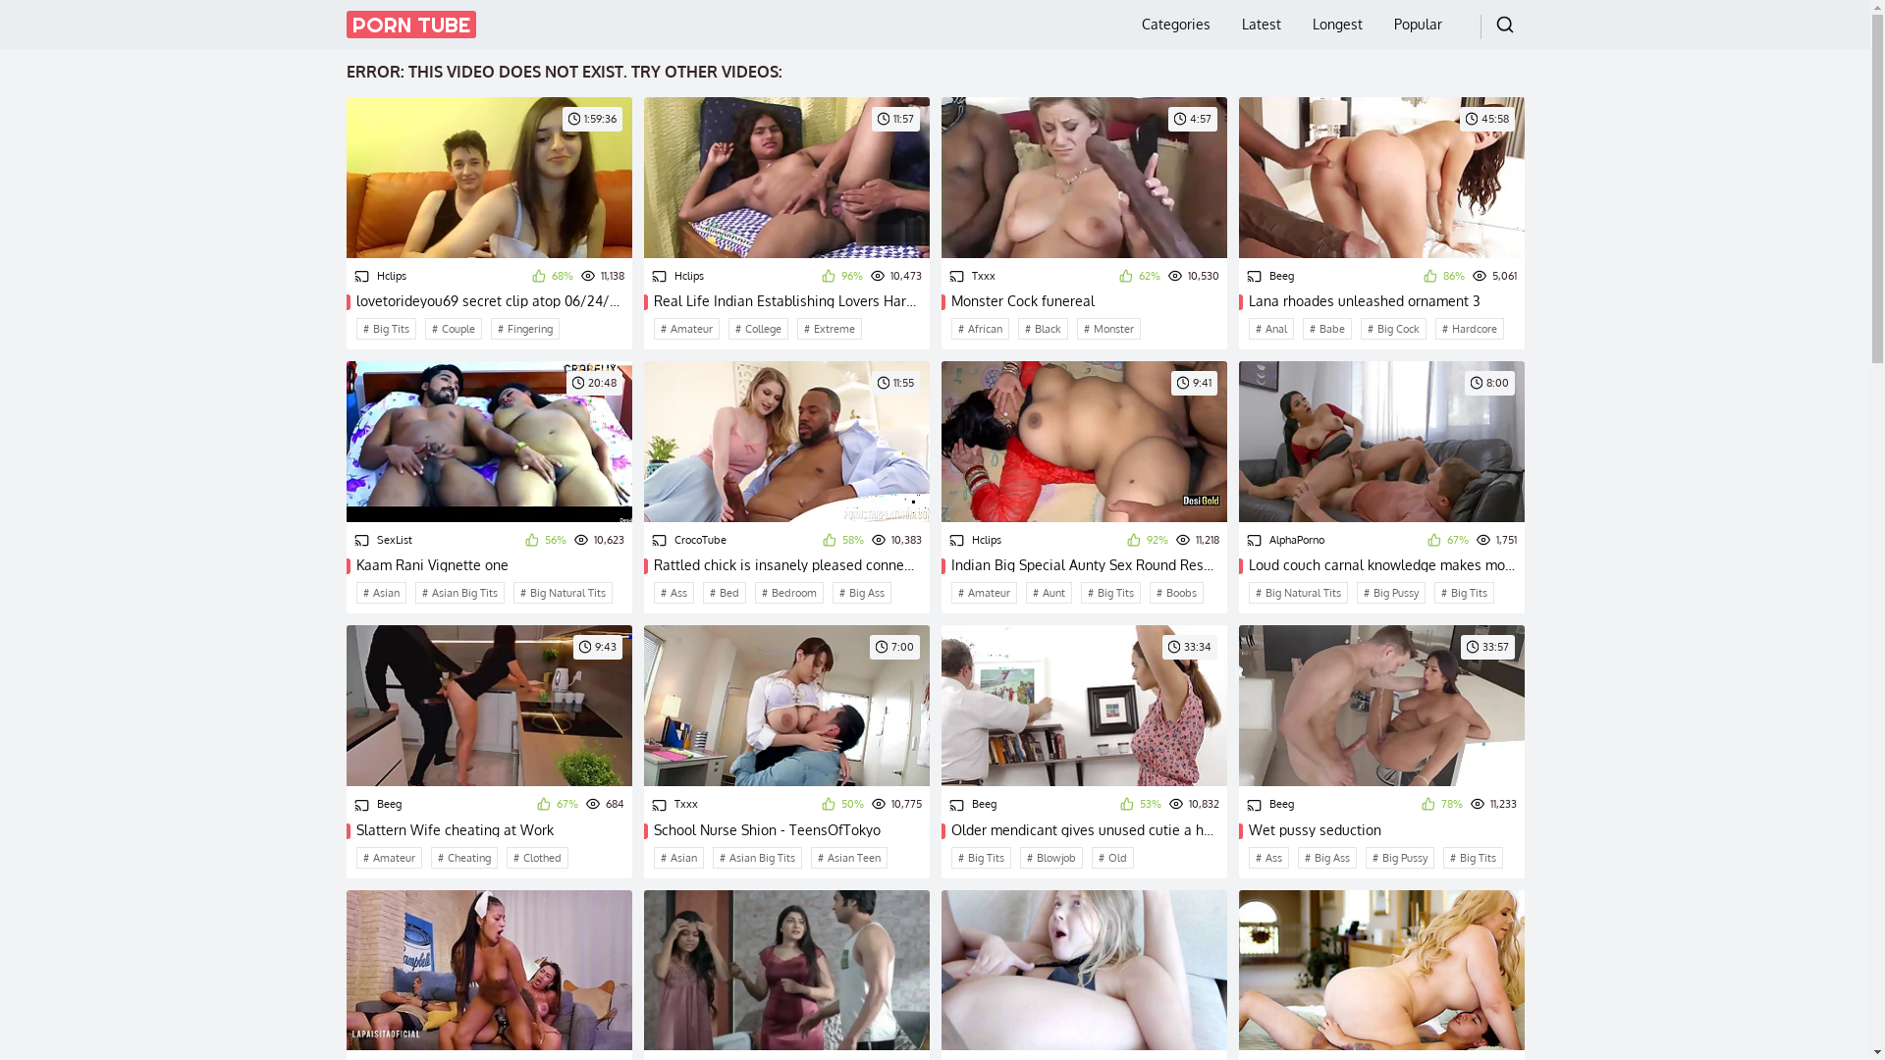  What do you see at coordinates (1380, 301) in the screenshot?
I see `'Lana rhoades unleashed ornament 3'` at bounding box center [1380, 301].